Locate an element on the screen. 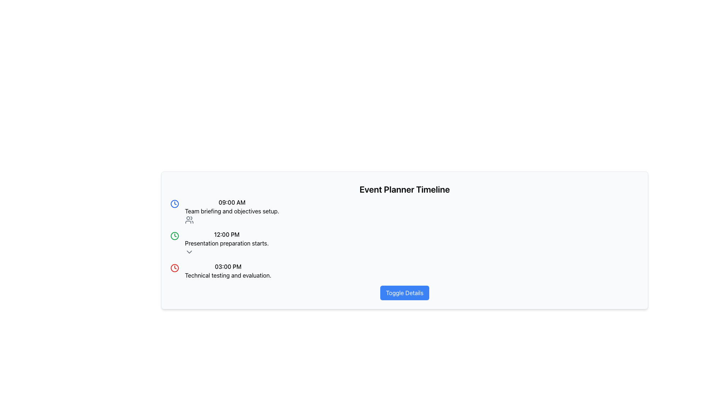 The image size is (702, 394). event details of the text block displaying '12:00 PM Presentation preparation starts.' which is the second event in the vertical timeline, located beside a green clock icon is located at coordinates (226, 243).